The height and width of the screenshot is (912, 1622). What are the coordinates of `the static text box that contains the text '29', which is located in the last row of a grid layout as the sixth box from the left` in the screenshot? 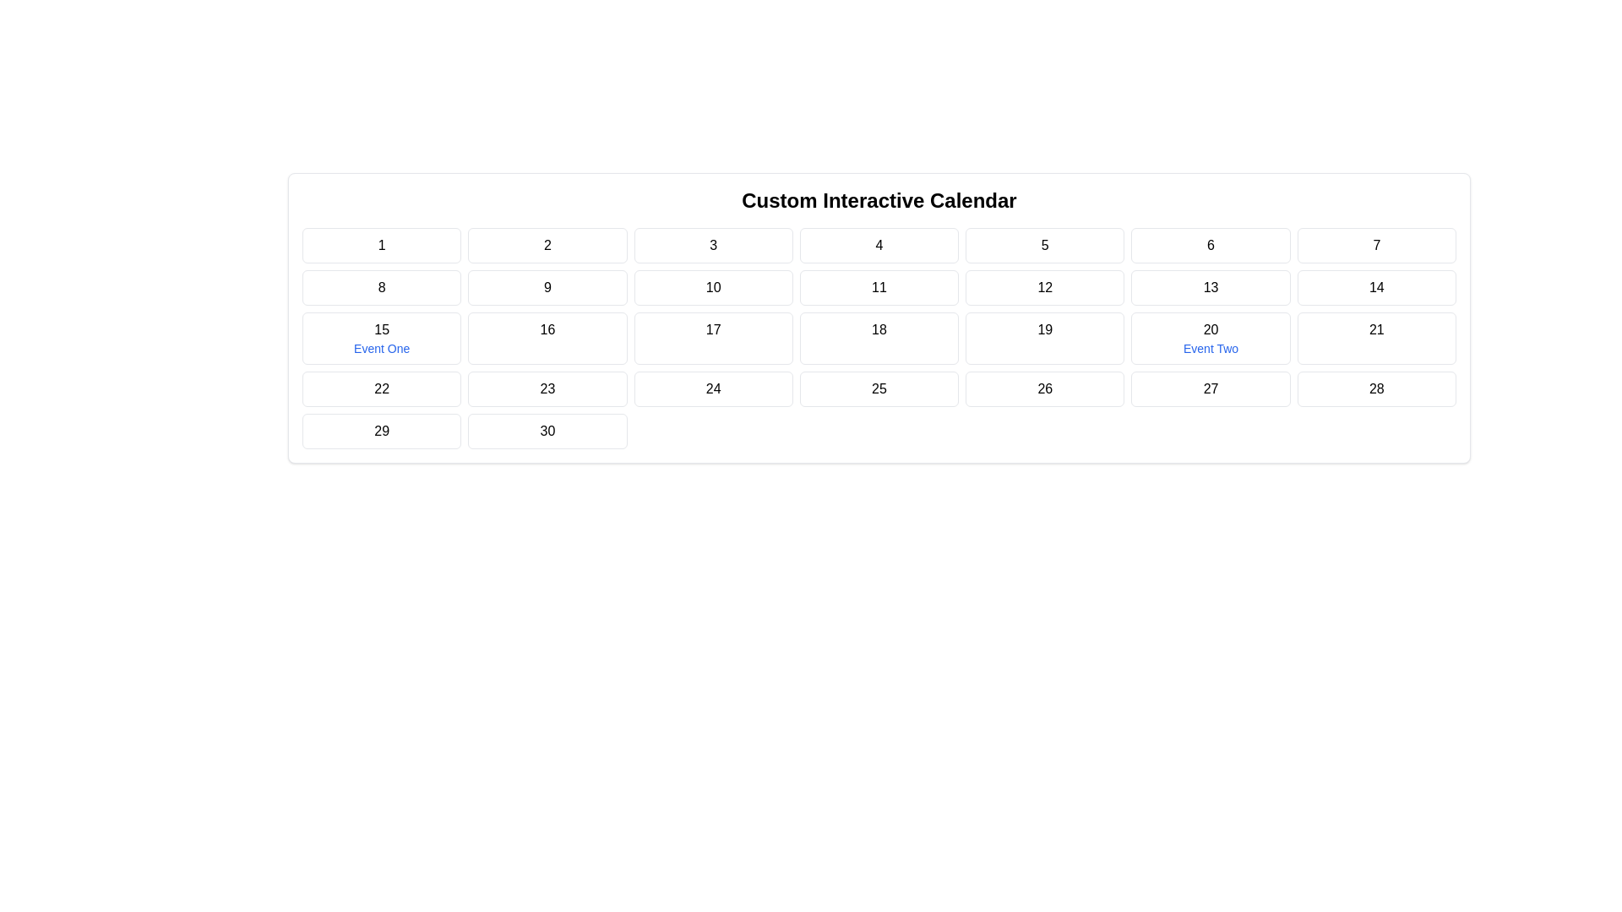 It's located at (381, 430).